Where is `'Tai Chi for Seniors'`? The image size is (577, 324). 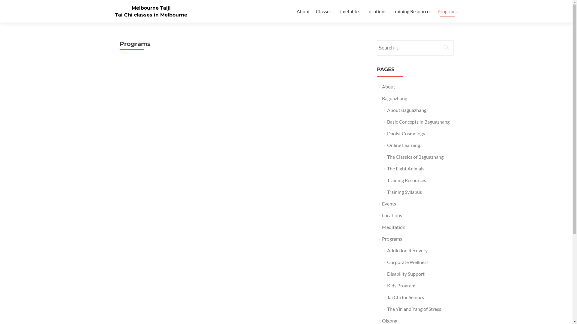 'Tai Chi for Seniors' is located at coordinates (387, 297).